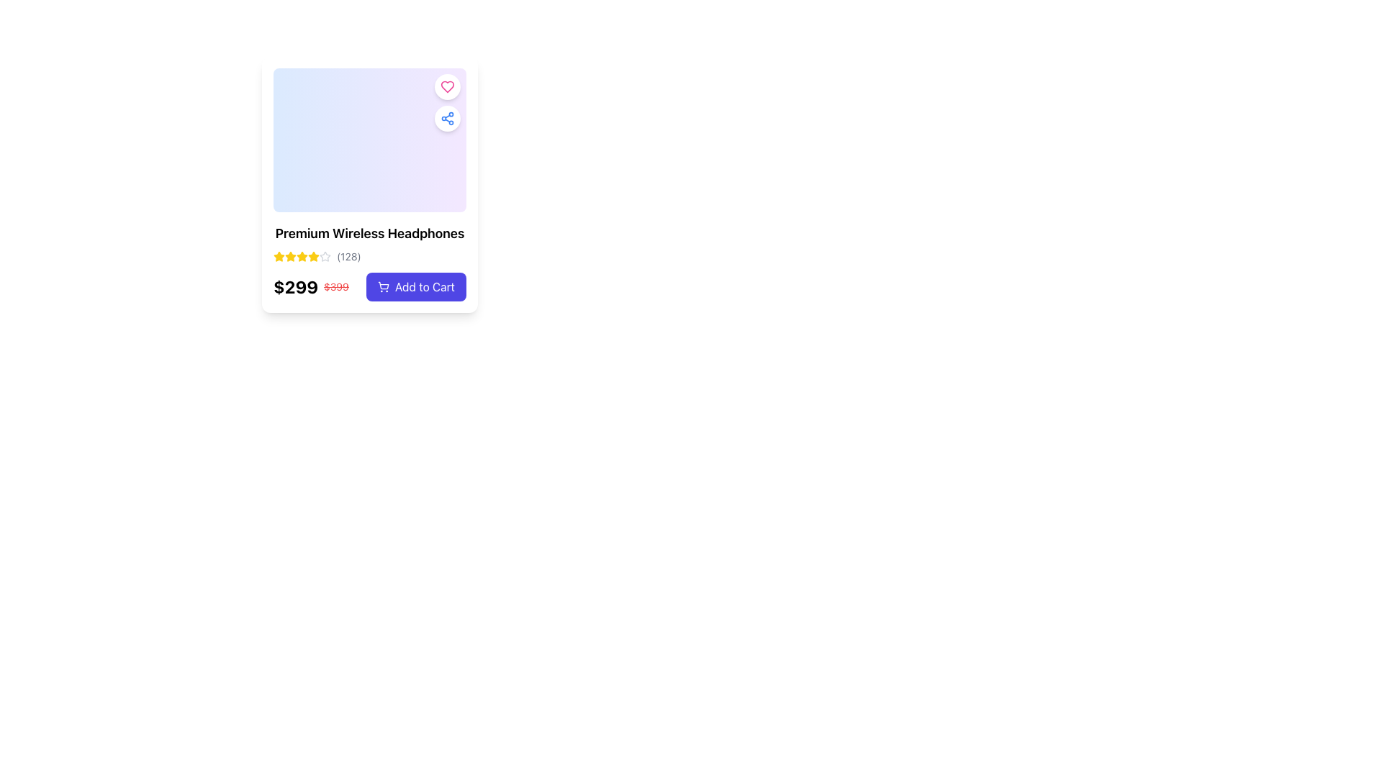  What do you see at coordinates (348, 256) in the screenshot?
I see `the text label displaying '(128)', which is styled in a small light gray color and located to the immediate right of a group of five yellow rating stars` at bounding box center [348, 256].